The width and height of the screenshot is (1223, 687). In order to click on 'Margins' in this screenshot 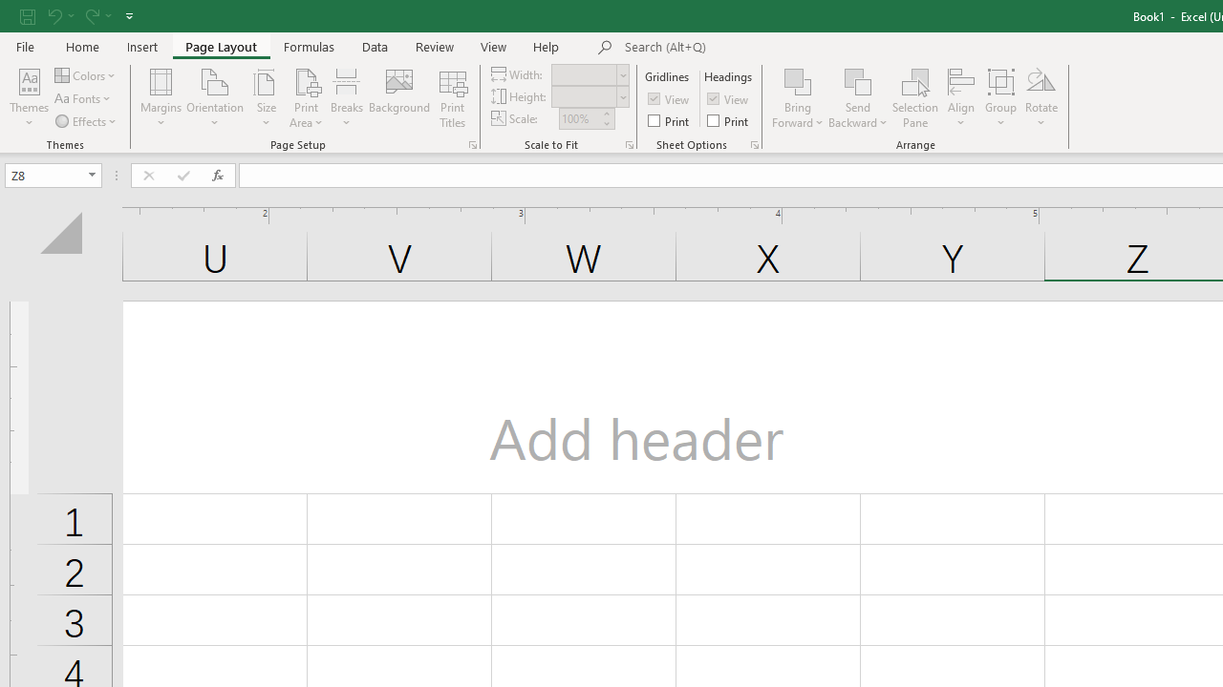, I will do `click(161, 98)`.